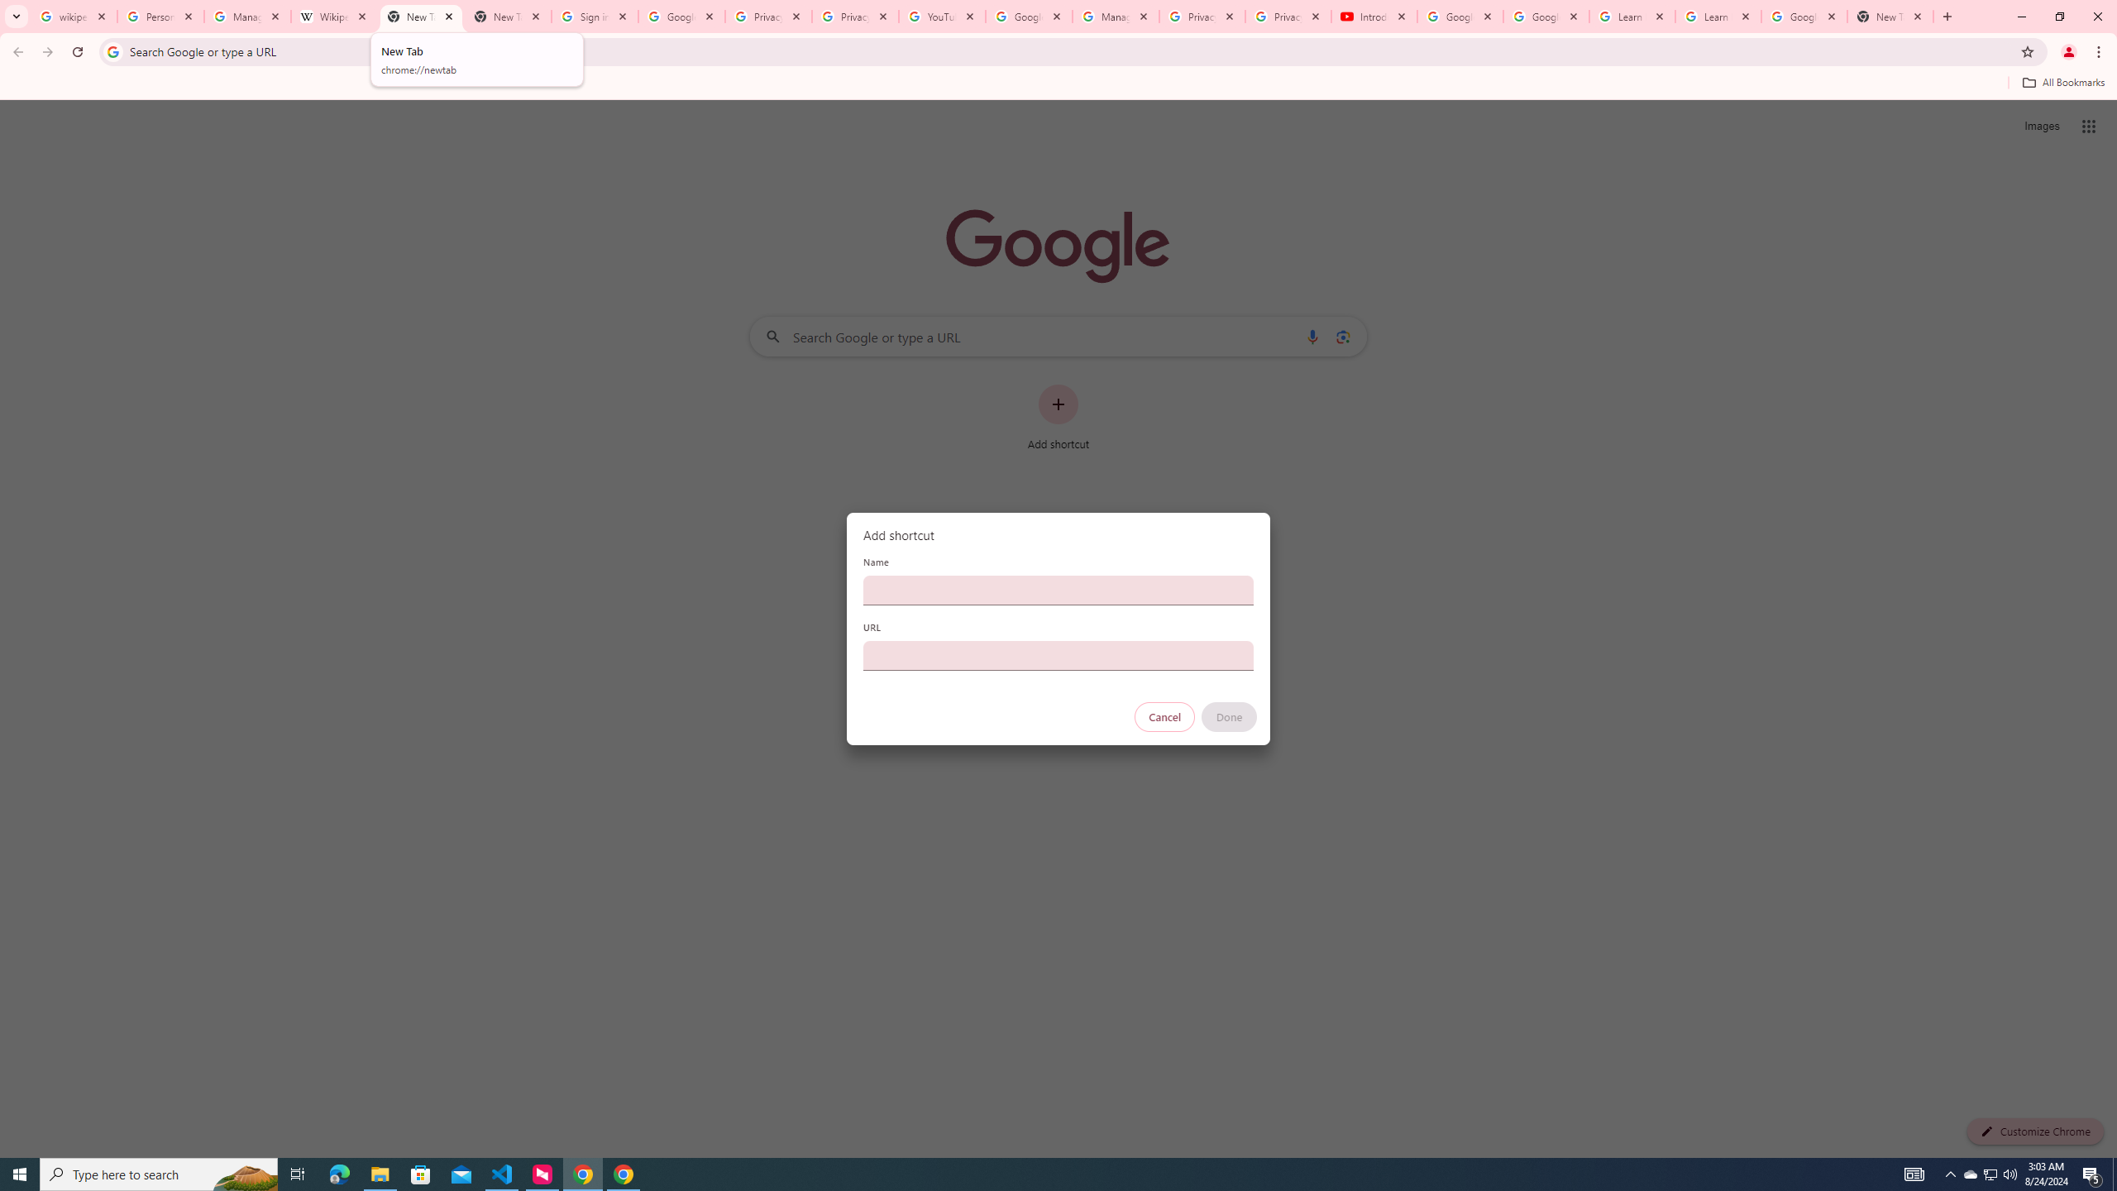 Image resolution: width=2117 pixels, height=1191 pixels. I want to click on 'Cancel', so click(1165, 716).